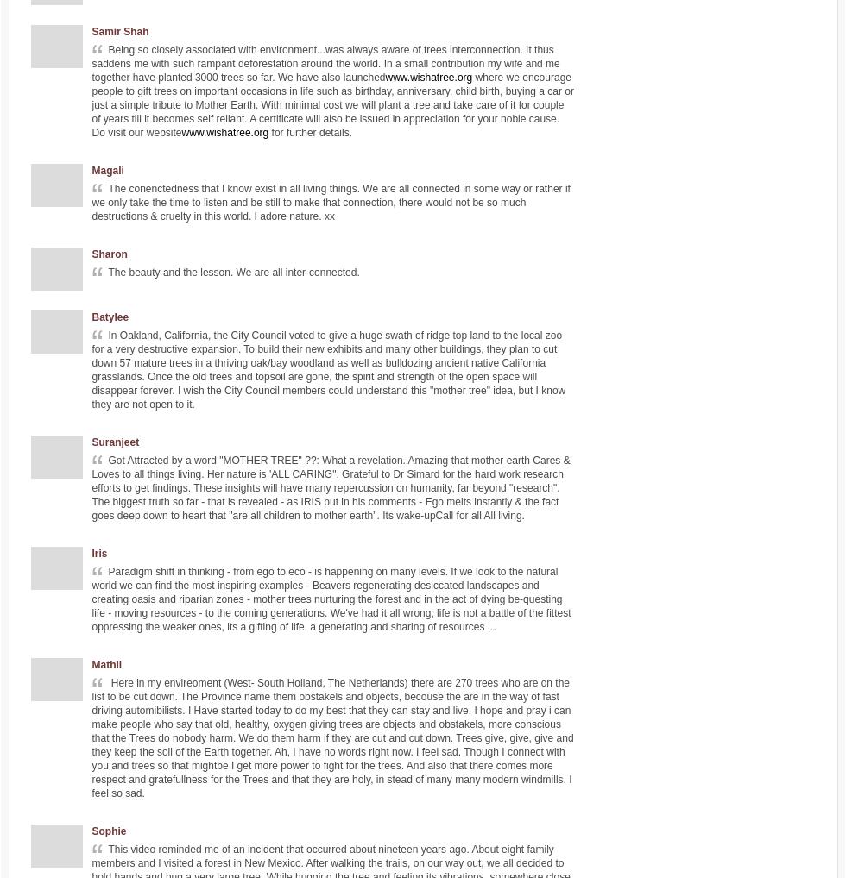 The image size is (846, 878). I want to click on 'Sharon', so click(108, 254).